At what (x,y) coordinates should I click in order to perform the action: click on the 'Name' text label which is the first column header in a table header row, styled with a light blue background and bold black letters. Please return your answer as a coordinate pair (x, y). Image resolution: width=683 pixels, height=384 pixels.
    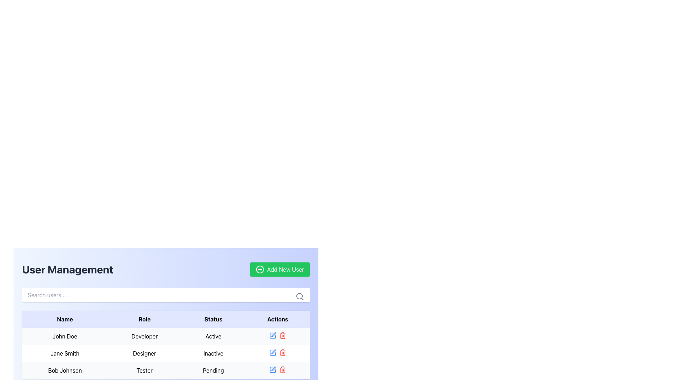
    Looking at the image, I should click on (65, 319).